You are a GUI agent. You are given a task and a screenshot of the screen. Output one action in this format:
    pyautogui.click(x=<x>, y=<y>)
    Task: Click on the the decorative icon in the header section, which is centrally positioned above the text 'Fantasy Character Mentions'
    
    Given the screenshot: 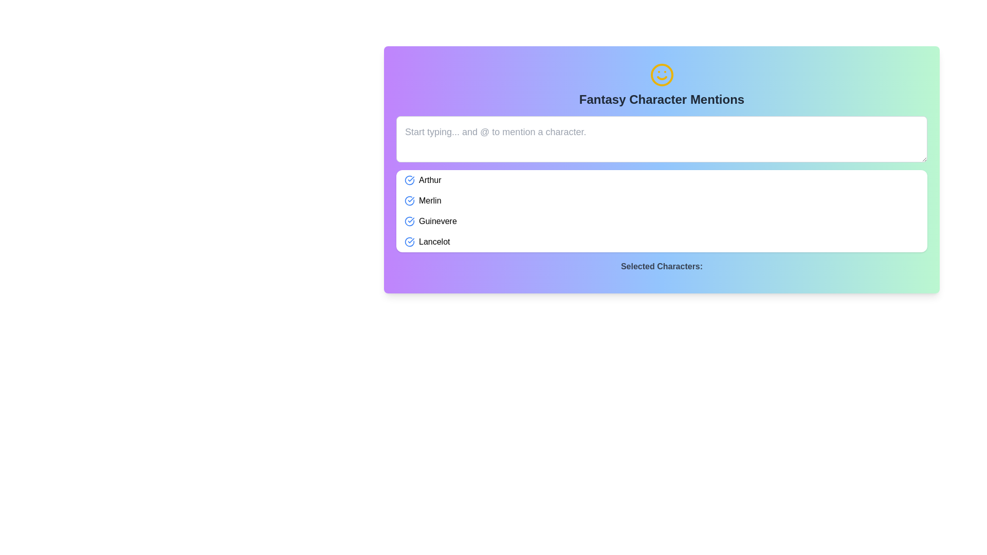 What is the action you would take?
    pyautogui.click(x=662, y=75)
    